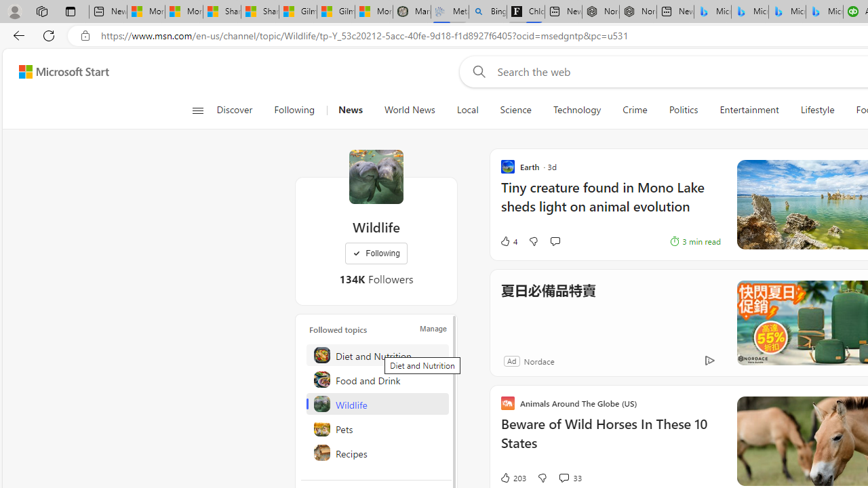 The width and height of the screenshot is (868, 488). Describe the element at coordinates (433, 328) in the screenshot. I see `'Manage'` at that location.